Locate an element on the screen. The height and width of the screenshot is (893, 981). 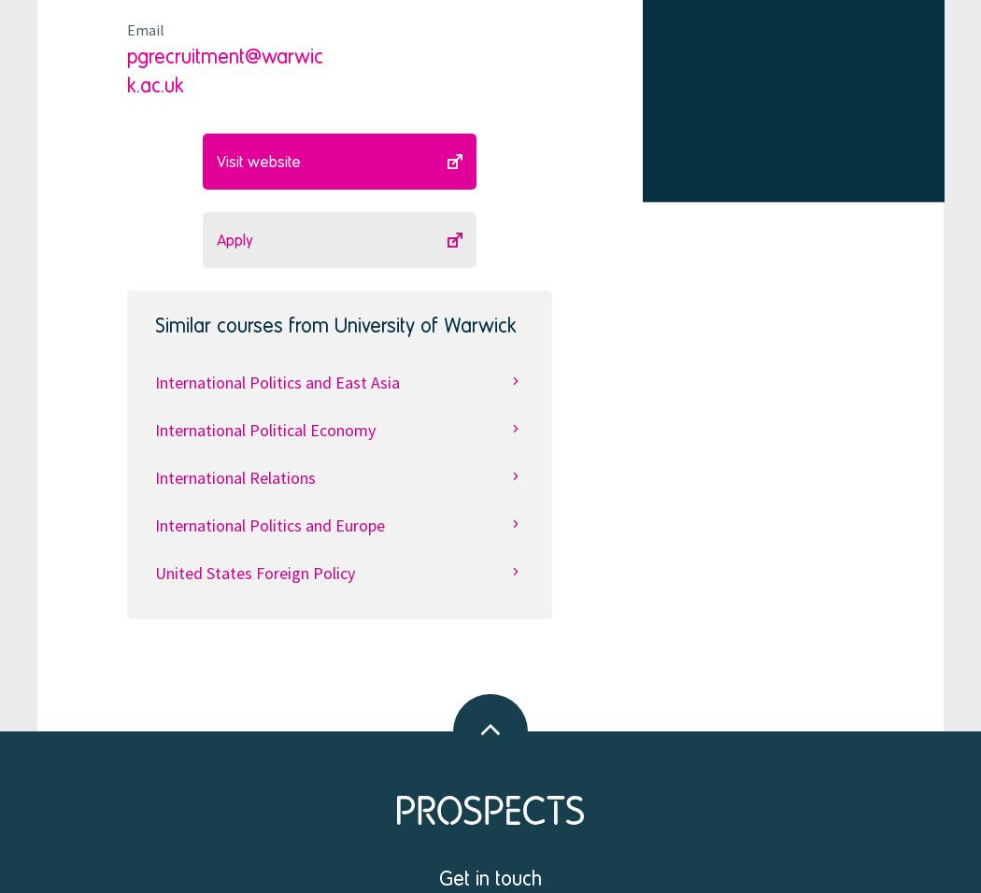
'Email' is located at coordinates (144, 27).